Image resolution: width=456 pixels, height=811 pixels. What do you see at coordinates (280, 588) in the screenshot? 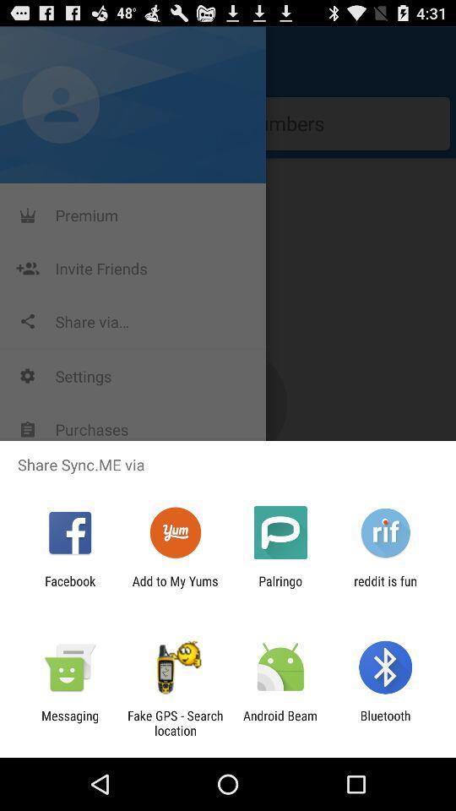
I see `palringo item` at bounding box center [280, 588].